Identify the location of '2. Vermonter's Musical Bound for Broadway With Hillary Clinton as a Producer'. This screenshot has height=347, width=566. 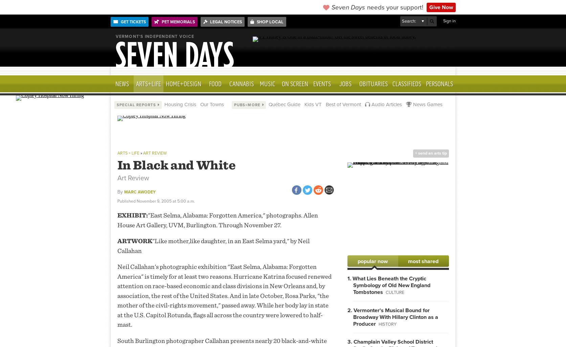
(392, 317).